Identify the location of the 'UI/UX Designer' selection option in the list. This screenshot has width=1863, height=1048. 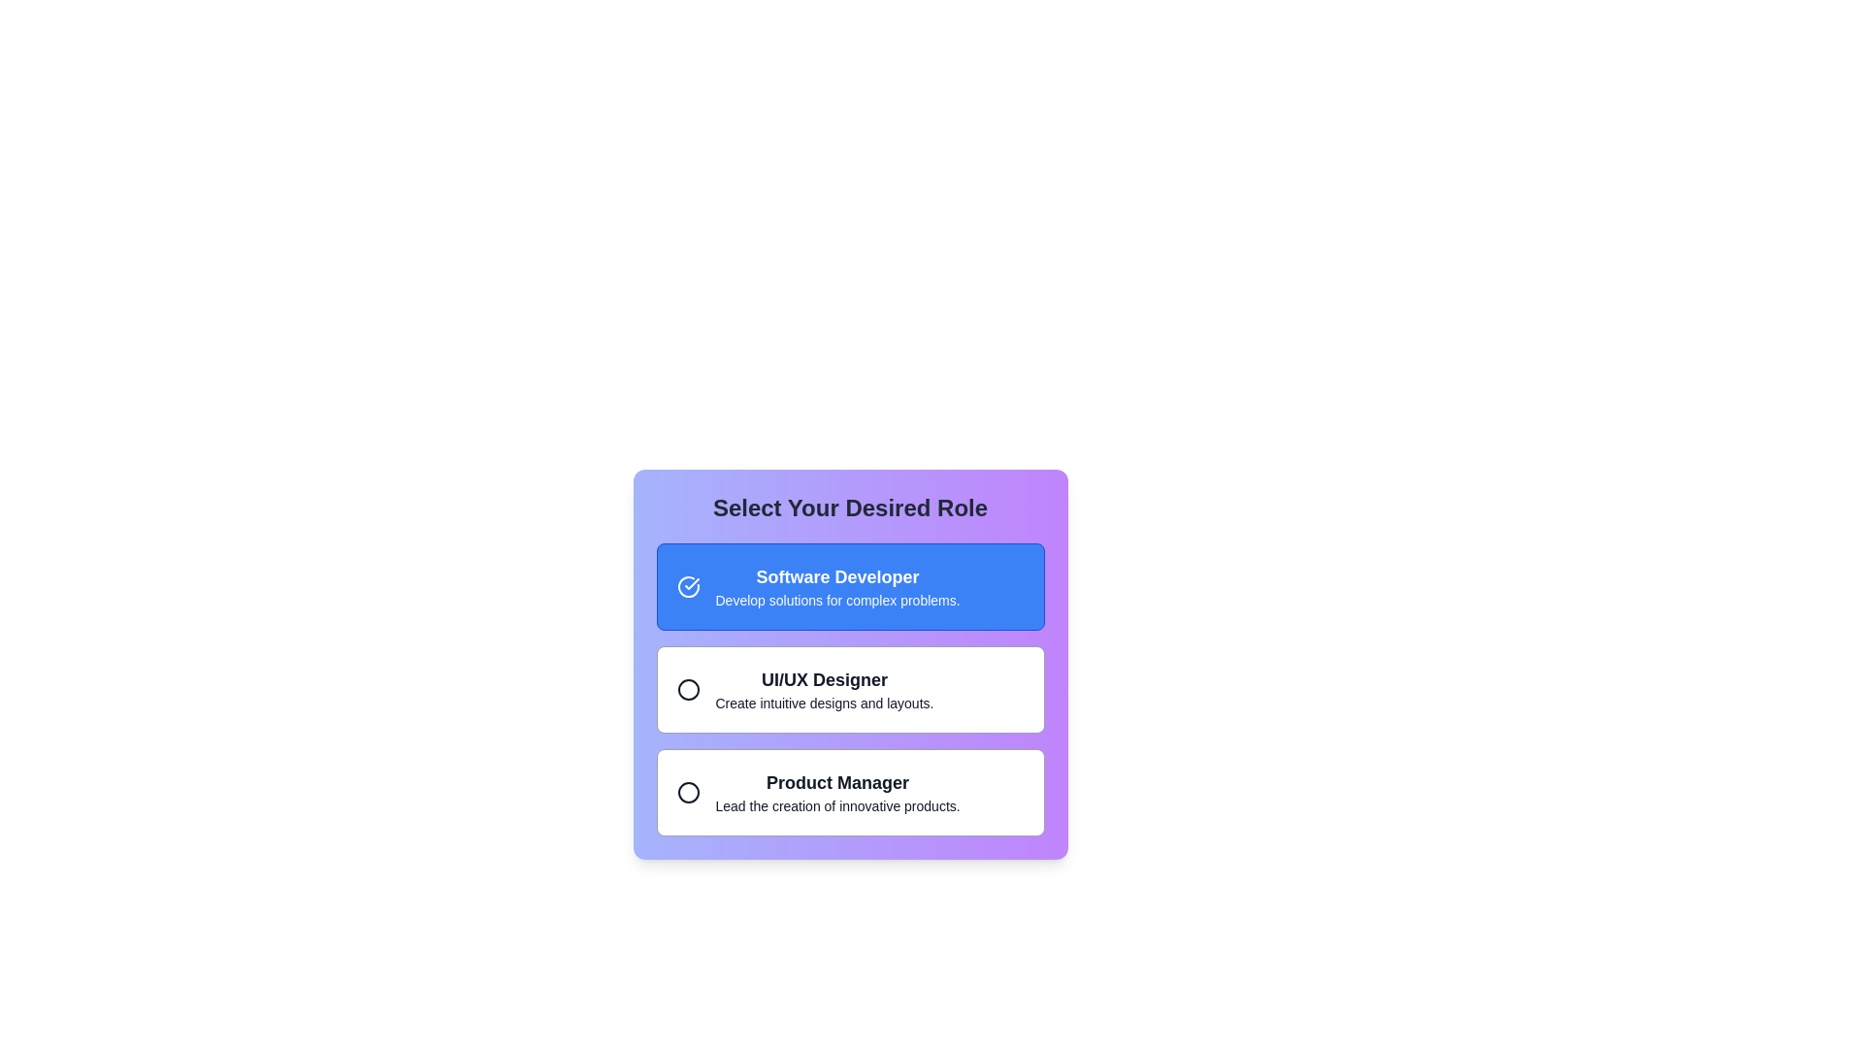
(850, 688).